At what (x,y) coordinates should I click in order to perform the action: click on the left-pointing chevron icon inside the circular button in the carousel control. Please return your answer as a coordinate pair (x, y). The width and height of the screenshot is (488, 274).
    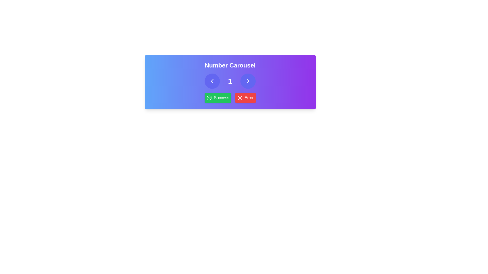
    Looking at the image, I should click on (212, 81).